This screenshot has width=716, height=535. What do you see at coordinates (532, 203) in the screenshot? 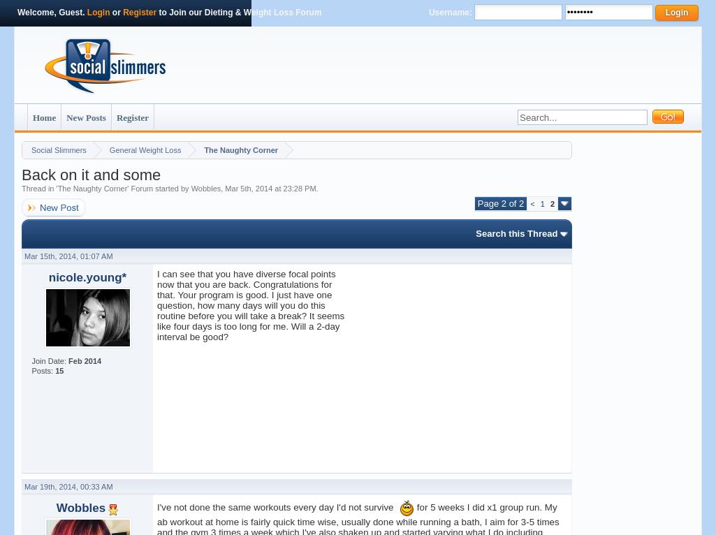
I see `'<'` at bounding box center [532, 203].